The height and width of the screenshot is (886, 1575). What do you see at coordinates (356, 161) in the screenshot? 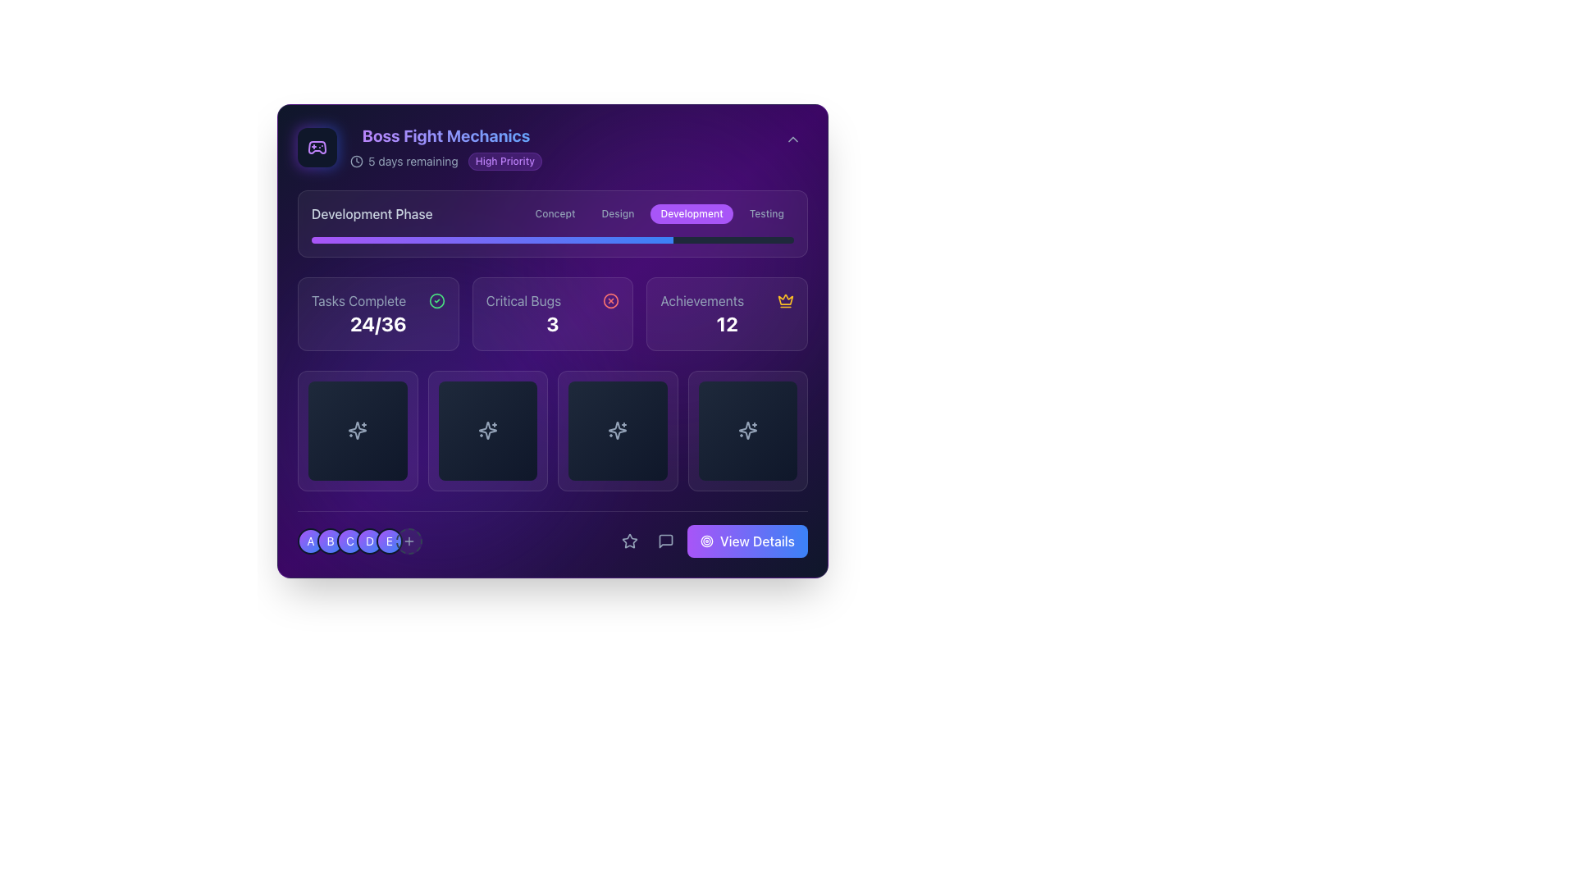
I see `the time tracking icon located in the top-left widget, adjacent to the text '5 days remaining'` at bounding box center [356, 161].